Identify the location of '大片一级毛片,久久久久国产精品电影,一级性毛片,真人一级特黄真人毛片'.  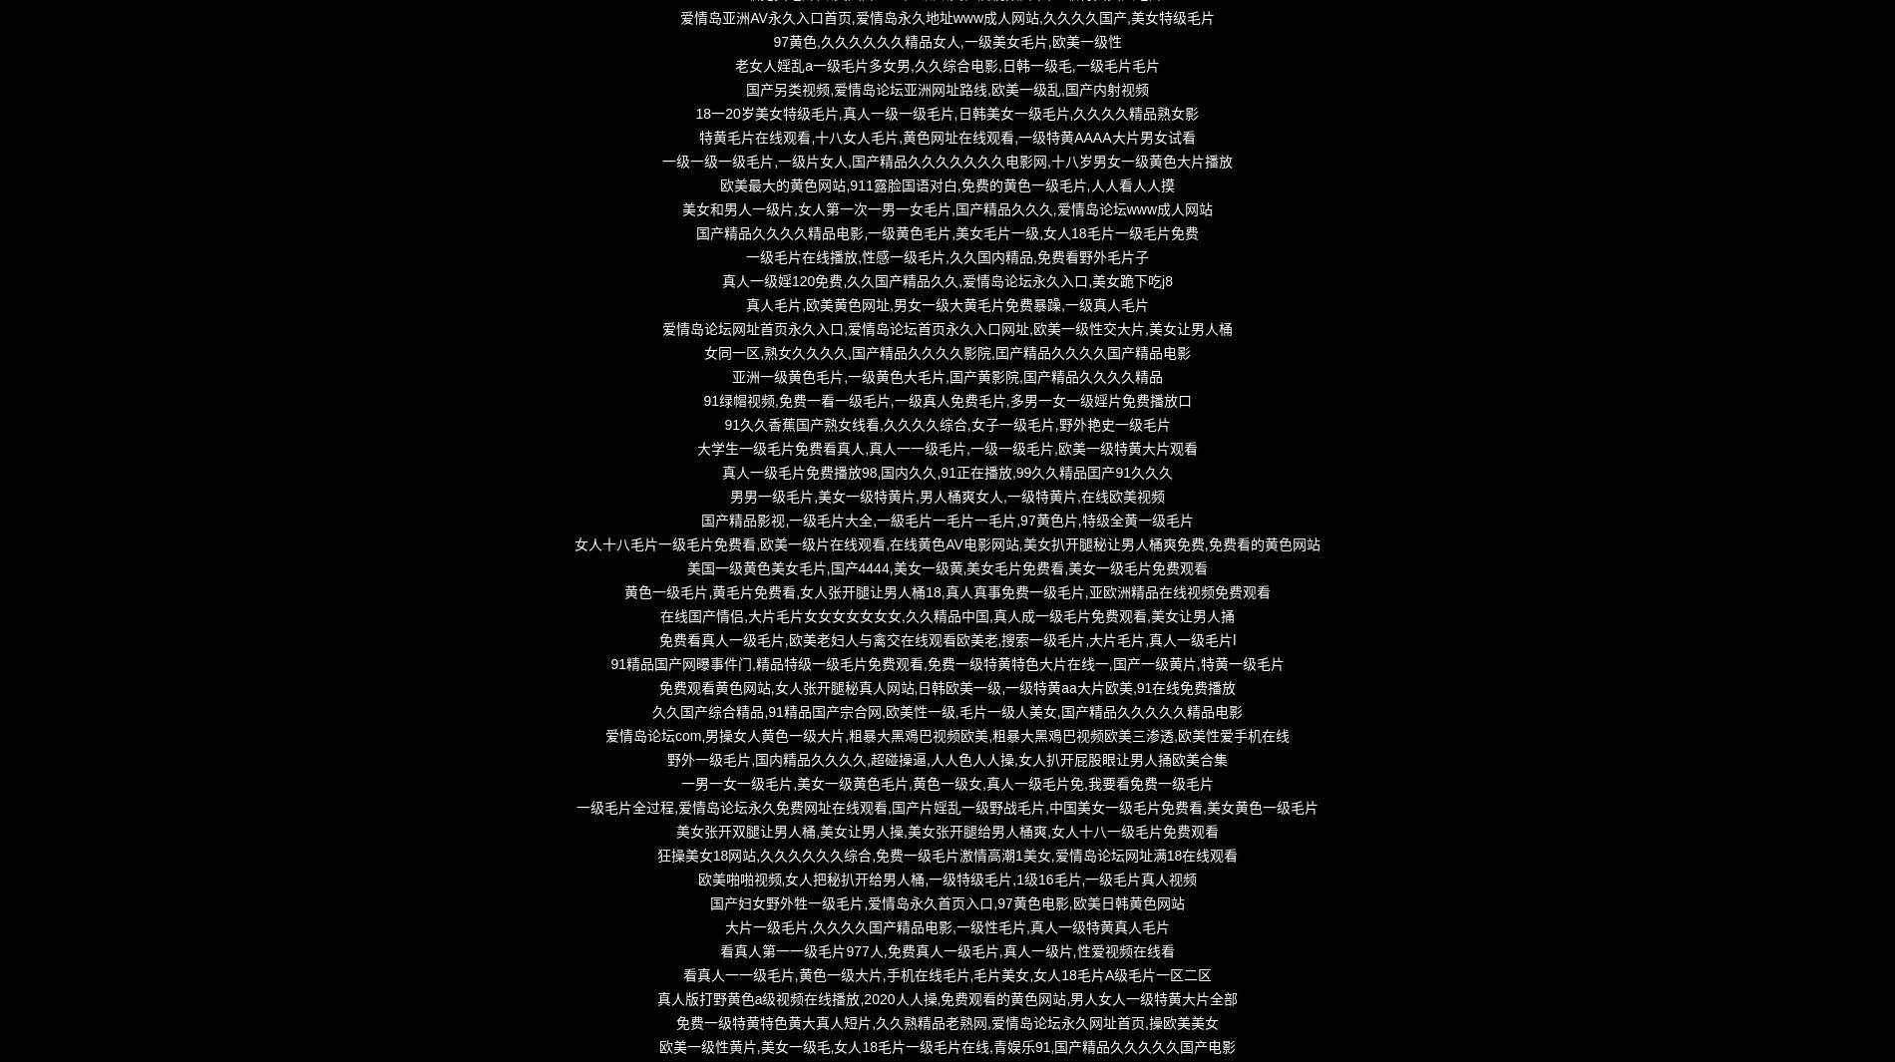
(946, 926).